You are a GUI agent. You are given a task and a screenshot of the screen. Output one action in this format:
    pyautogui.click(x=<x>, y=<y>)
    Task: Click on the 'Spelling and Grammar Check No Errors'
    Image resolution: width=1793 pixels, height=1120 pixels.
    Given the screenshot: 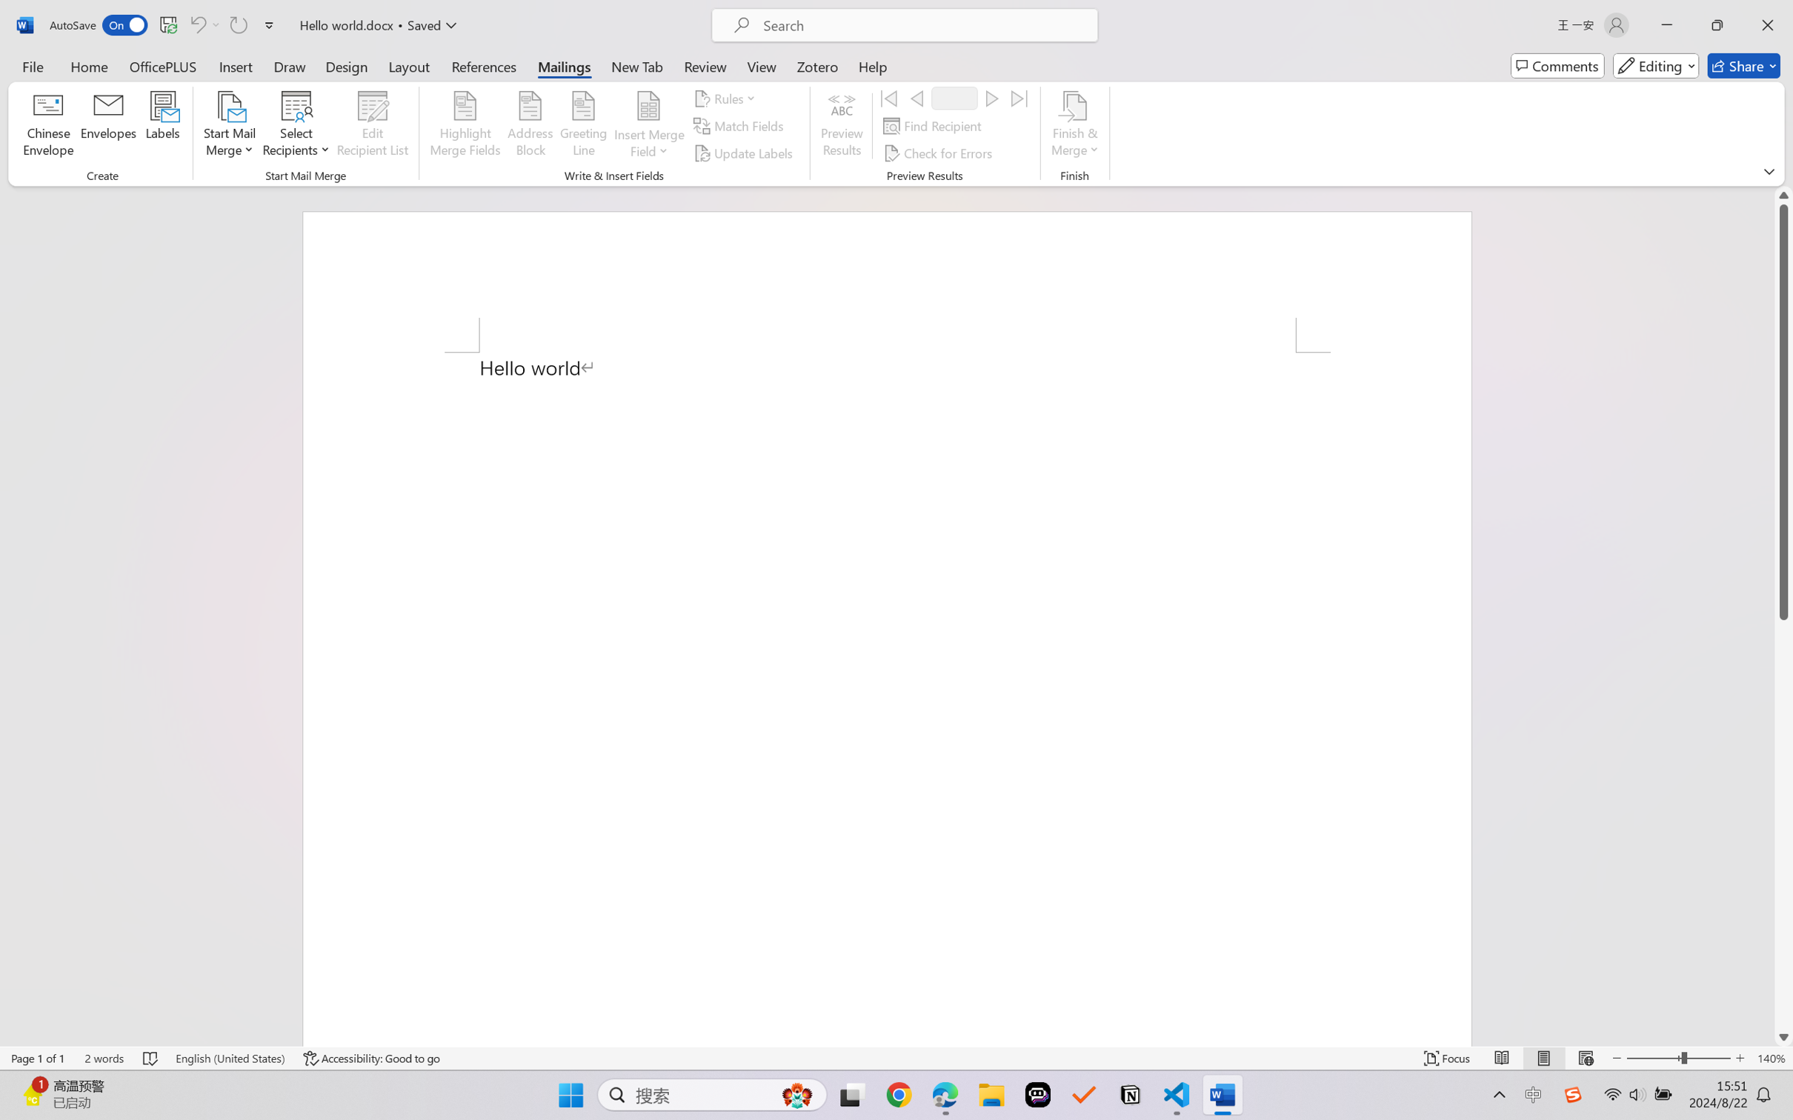 What is the action you would take?
    pyautogui.click(x=150, y=1058)
    